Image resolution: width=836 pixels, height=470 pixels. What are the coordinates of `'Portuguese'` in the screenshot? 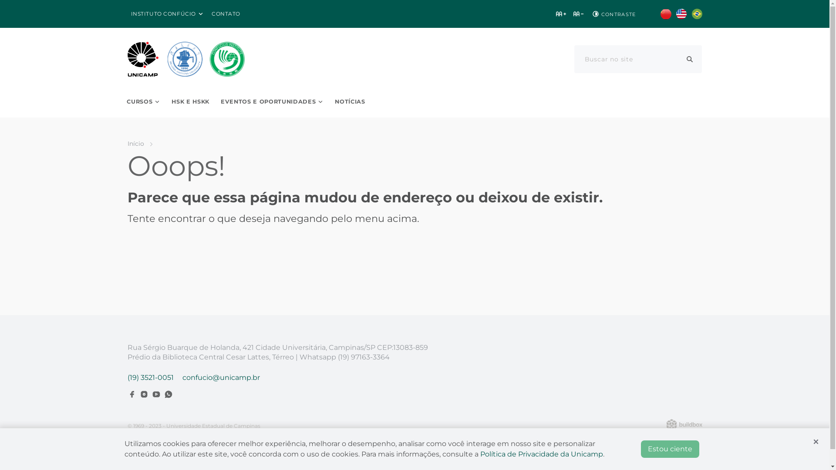 It's located at (696, 13).